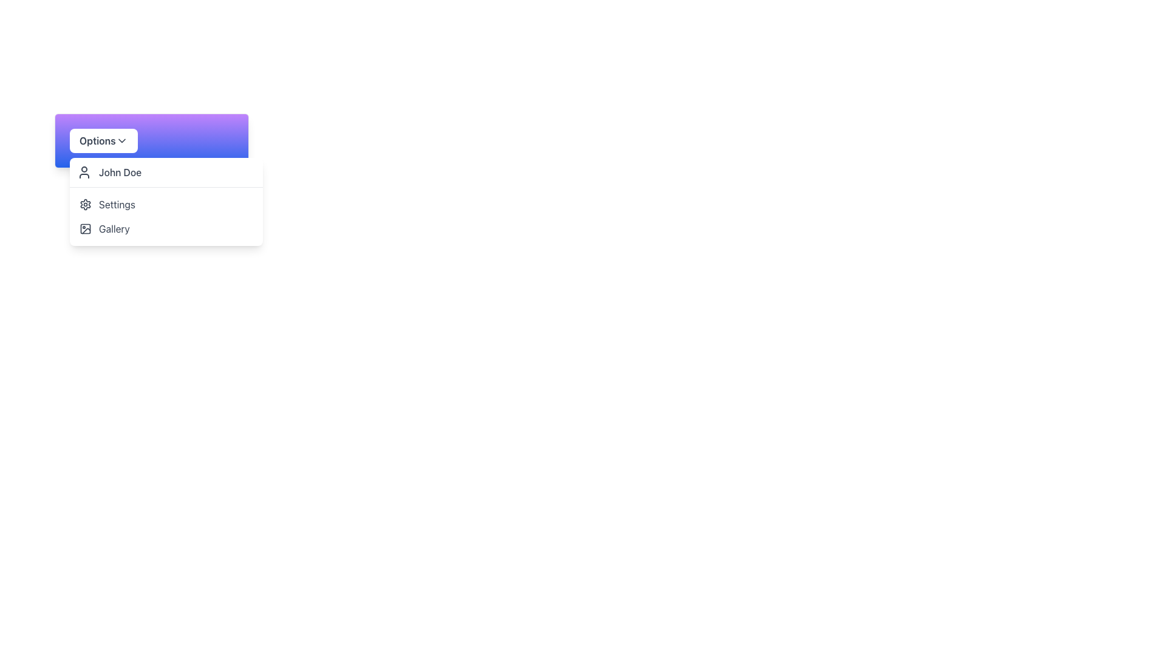 This screenshot has height=656, width=1166. I want to click on the gear icon representing settings, which is positioned to the left of the 'Settings' text label in the dropdown menu, so click(84, 203).